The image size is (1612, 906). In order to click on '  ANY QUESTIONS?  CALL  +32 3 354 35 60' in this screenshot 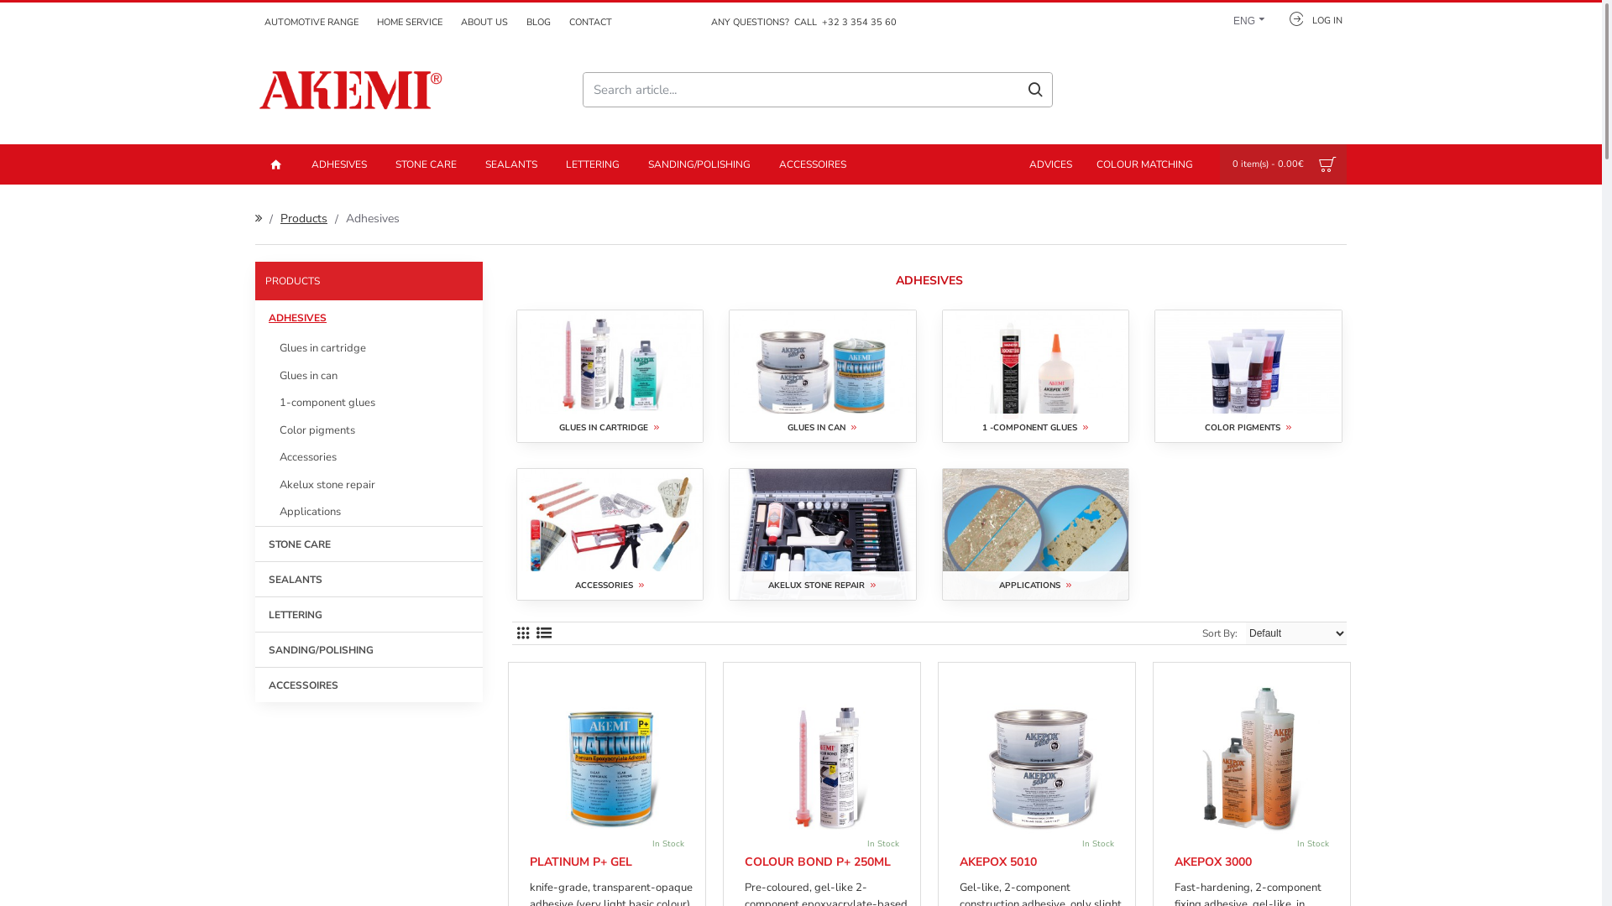, I will do `click(800, 23)`.